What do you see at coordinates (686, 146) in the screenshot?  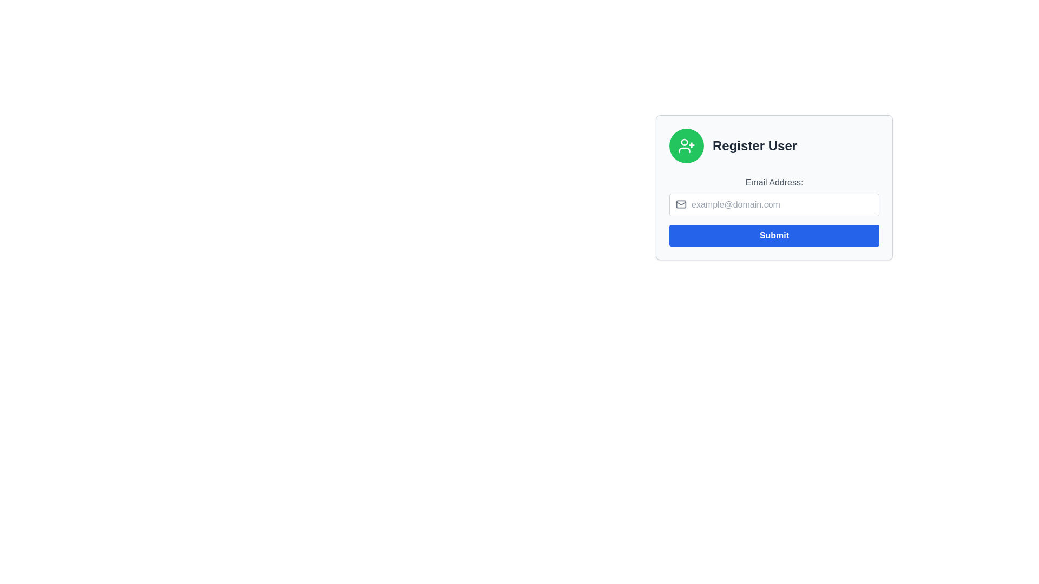 I see `the icon that represents the function of adding or registering a new user, which is located within a circular green background above the 'Register User' text in the registration form` at bounding box center [686, 146].